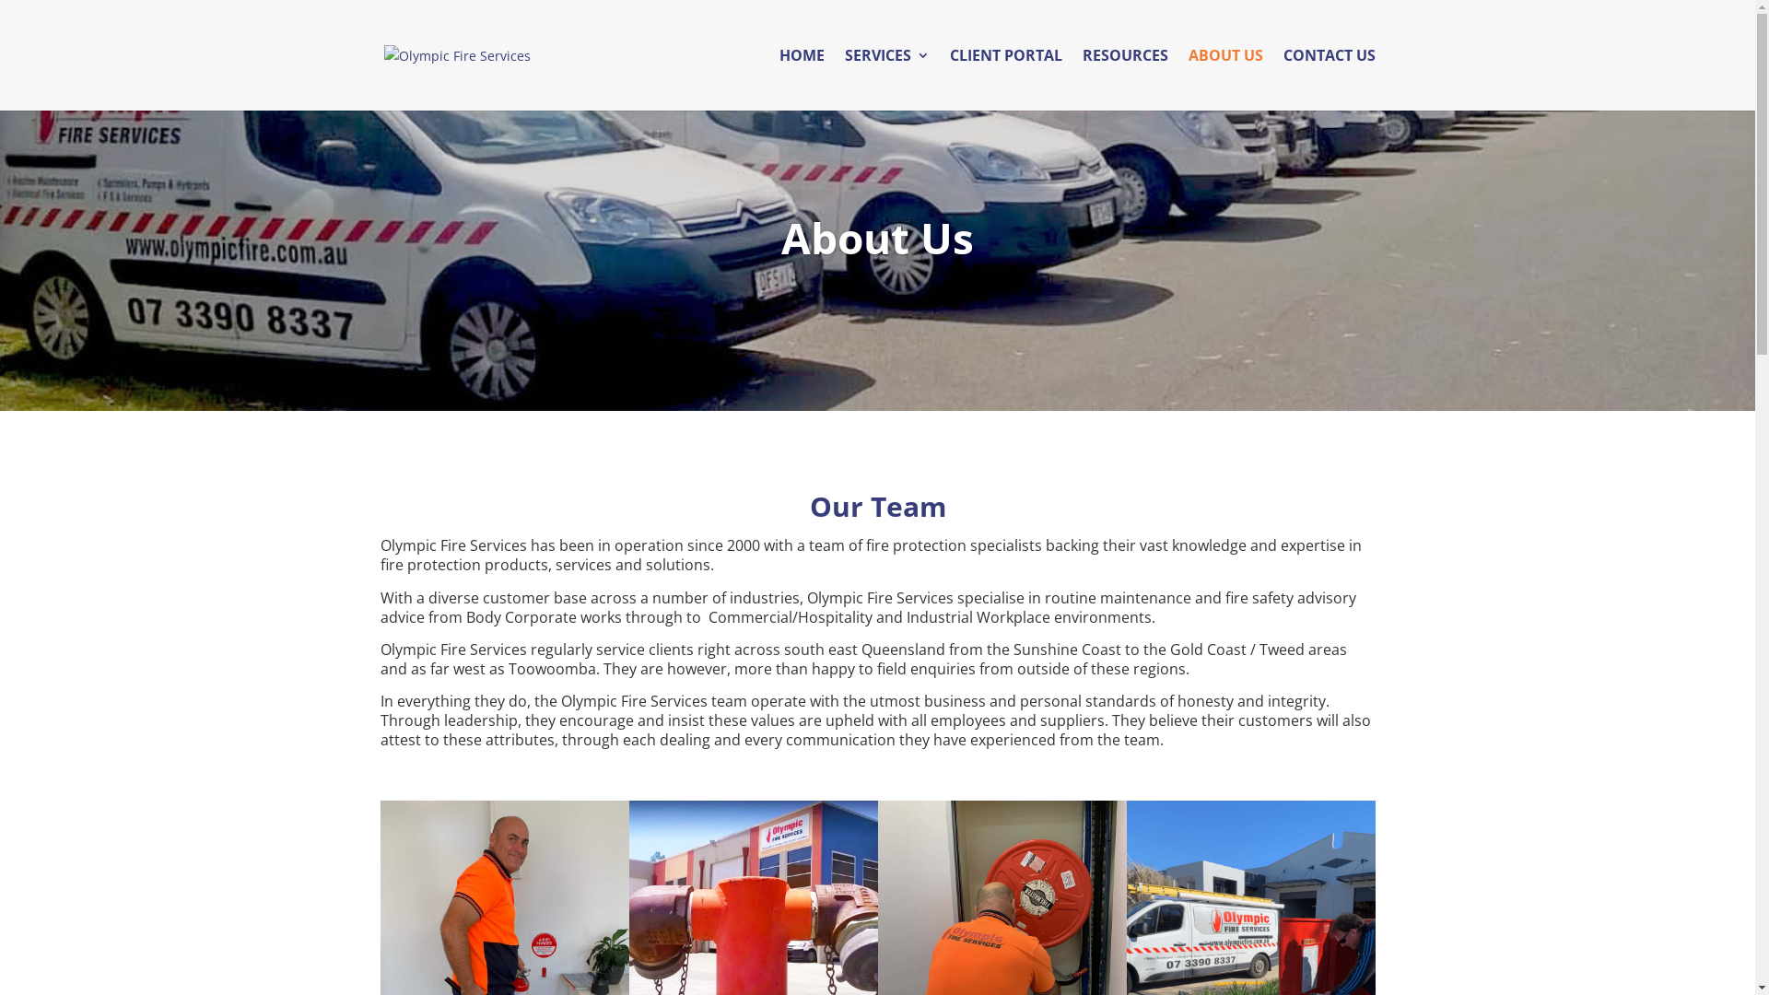  I want to click on 'HOME', so click(802, 78).